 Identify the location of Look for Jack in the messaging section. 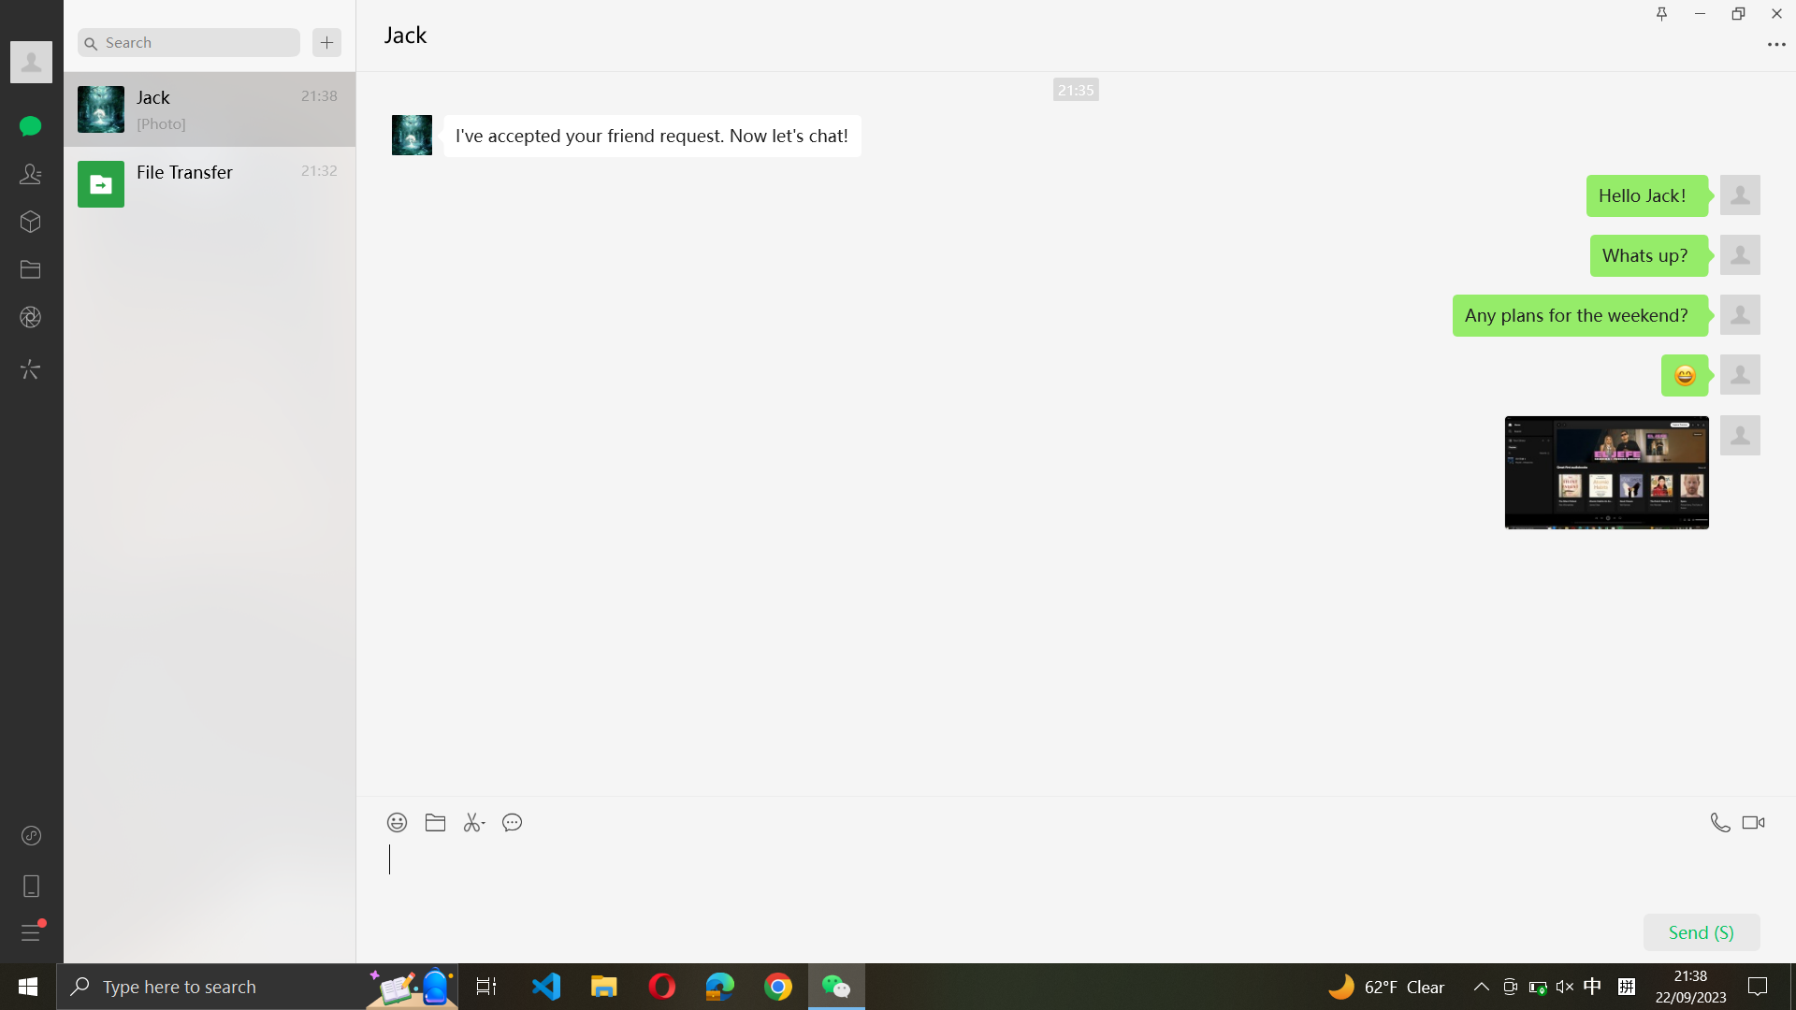
(188, 41).